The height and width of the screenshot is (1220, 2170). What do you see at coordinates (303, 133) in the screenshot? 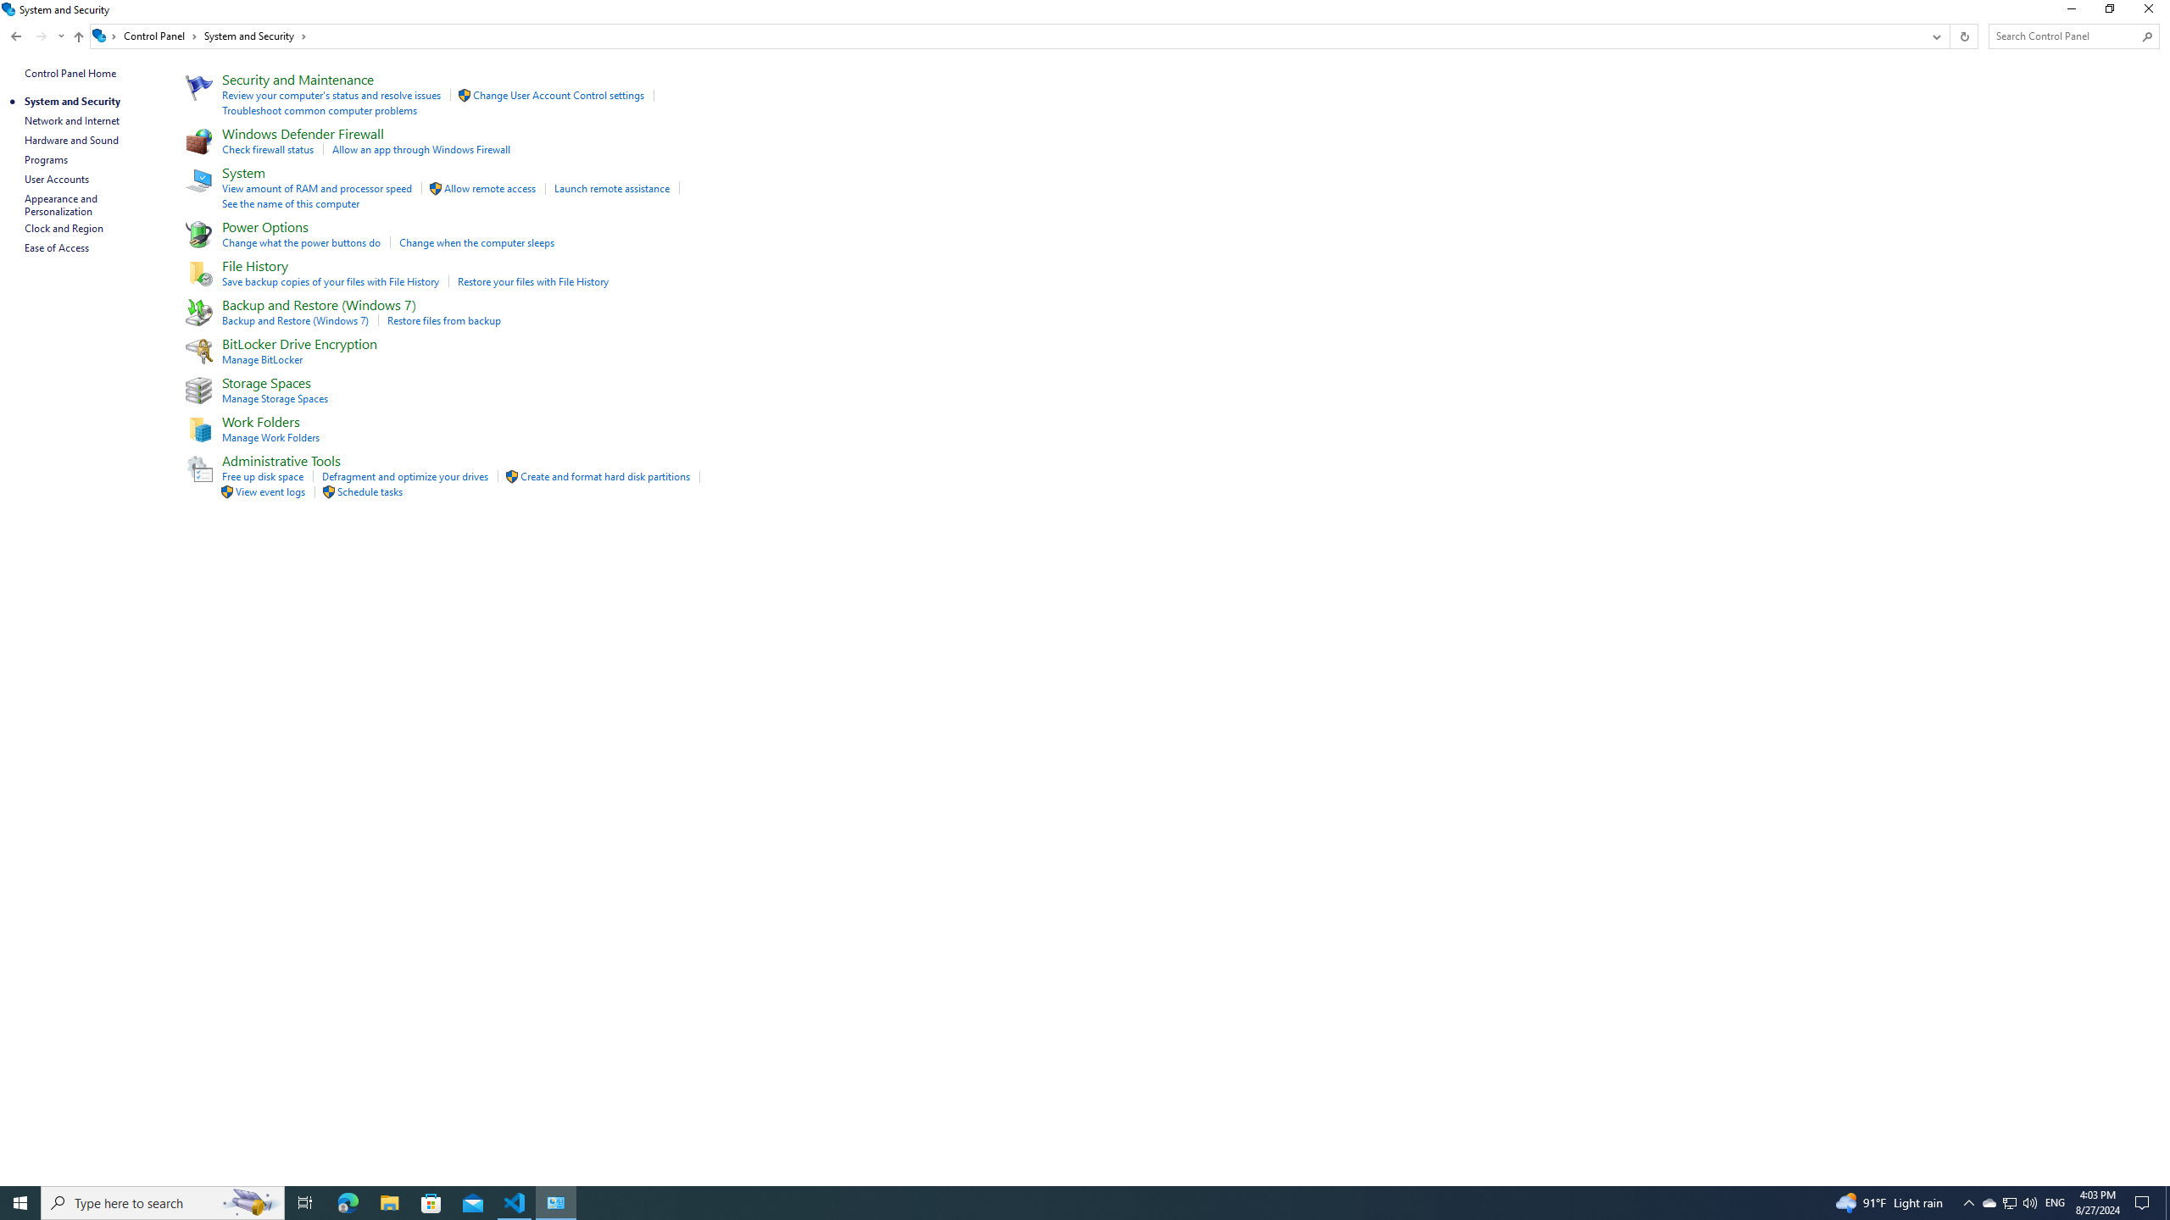
I see `'Windows Defender Firewall'` at bounding box center [303, 133].